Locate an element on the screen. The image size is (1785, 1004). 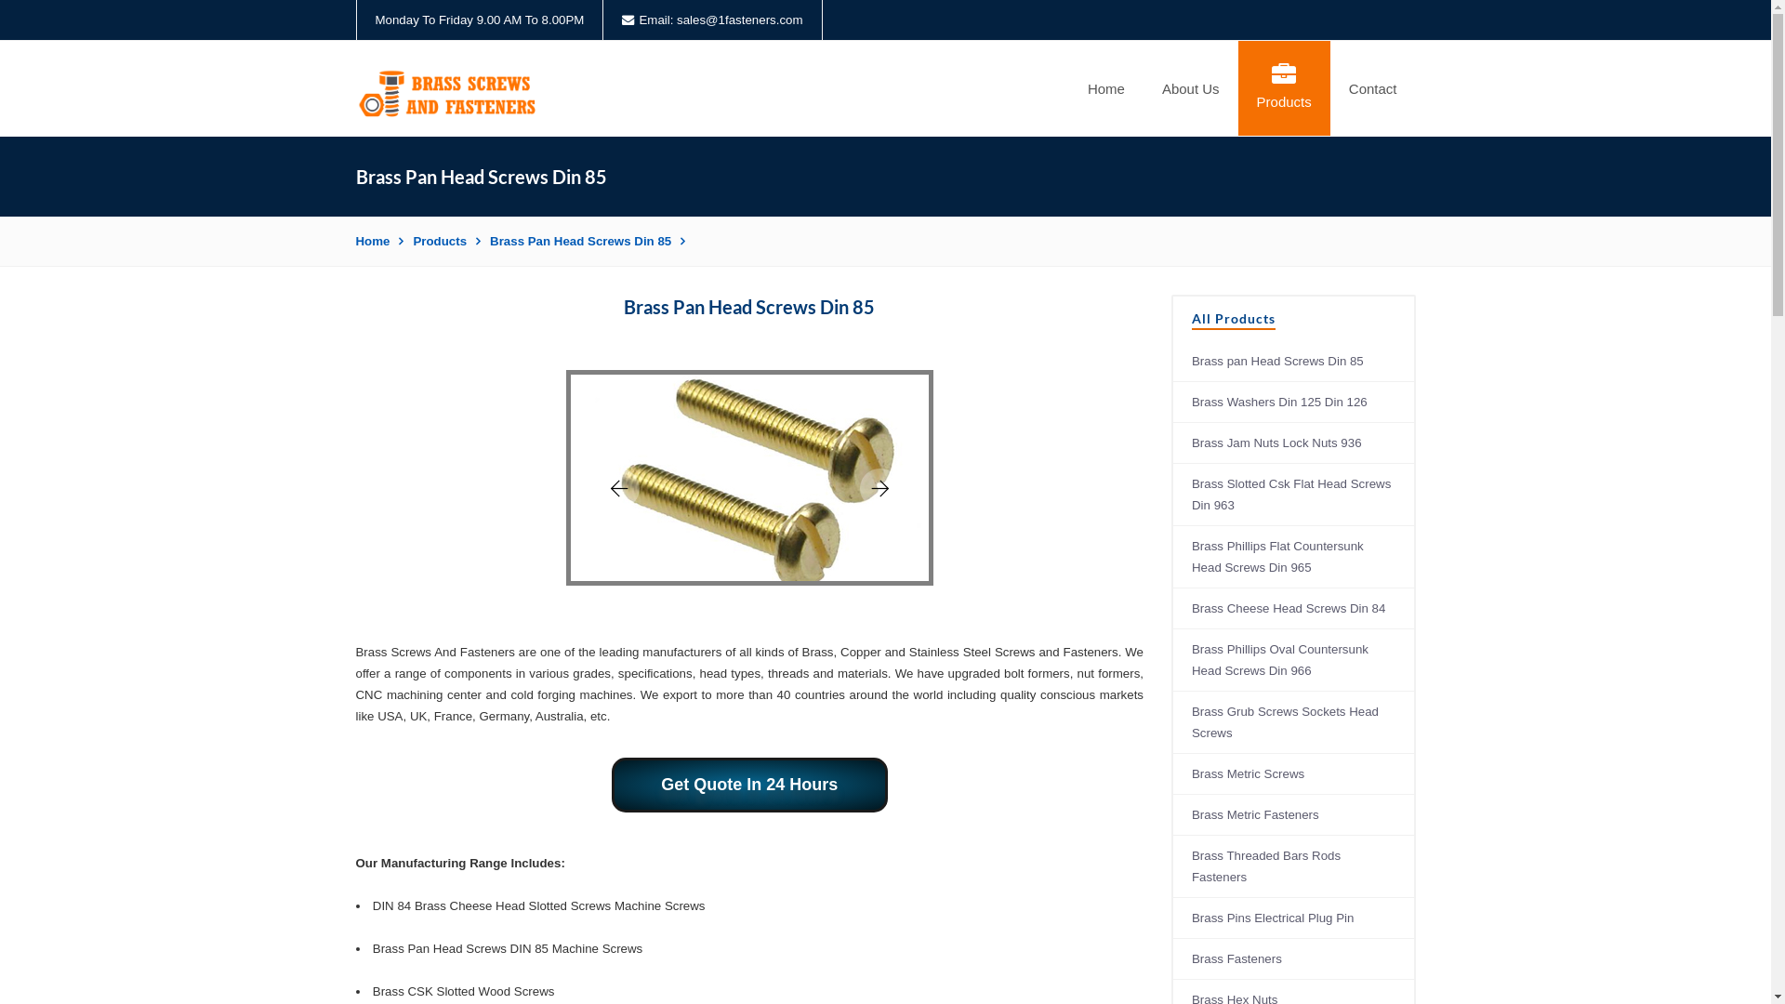
'Brass Metric Screws' is located at coordinates (1172, 774).